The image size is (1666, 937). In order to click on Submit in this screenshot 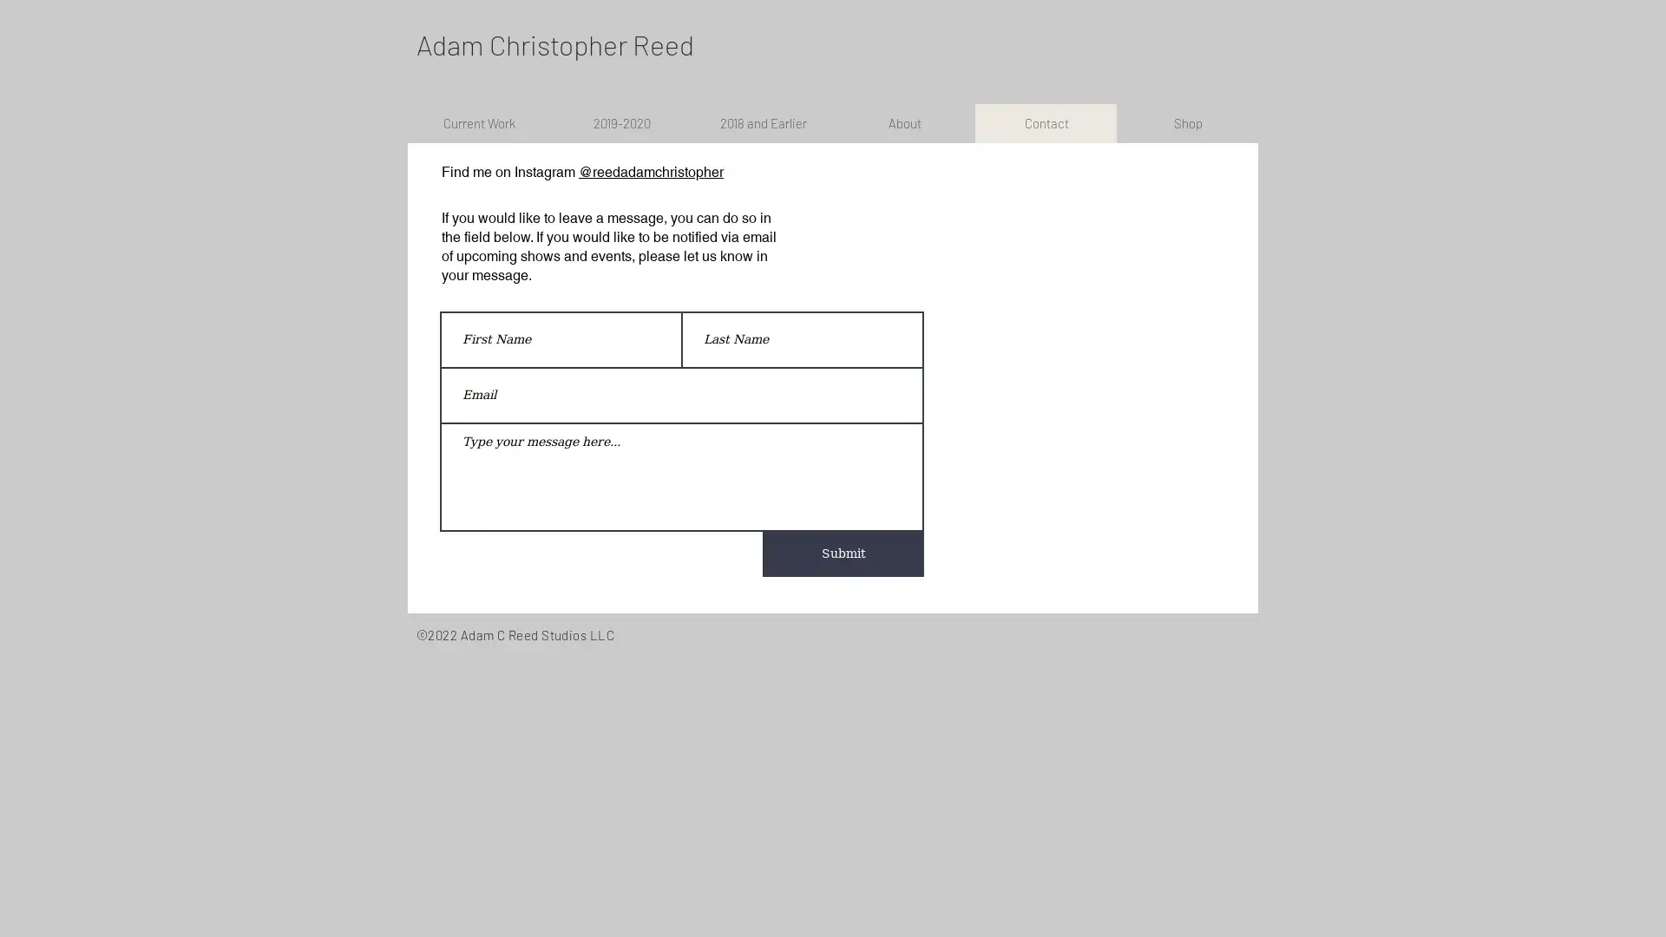, I will do `click(843, 554)`.